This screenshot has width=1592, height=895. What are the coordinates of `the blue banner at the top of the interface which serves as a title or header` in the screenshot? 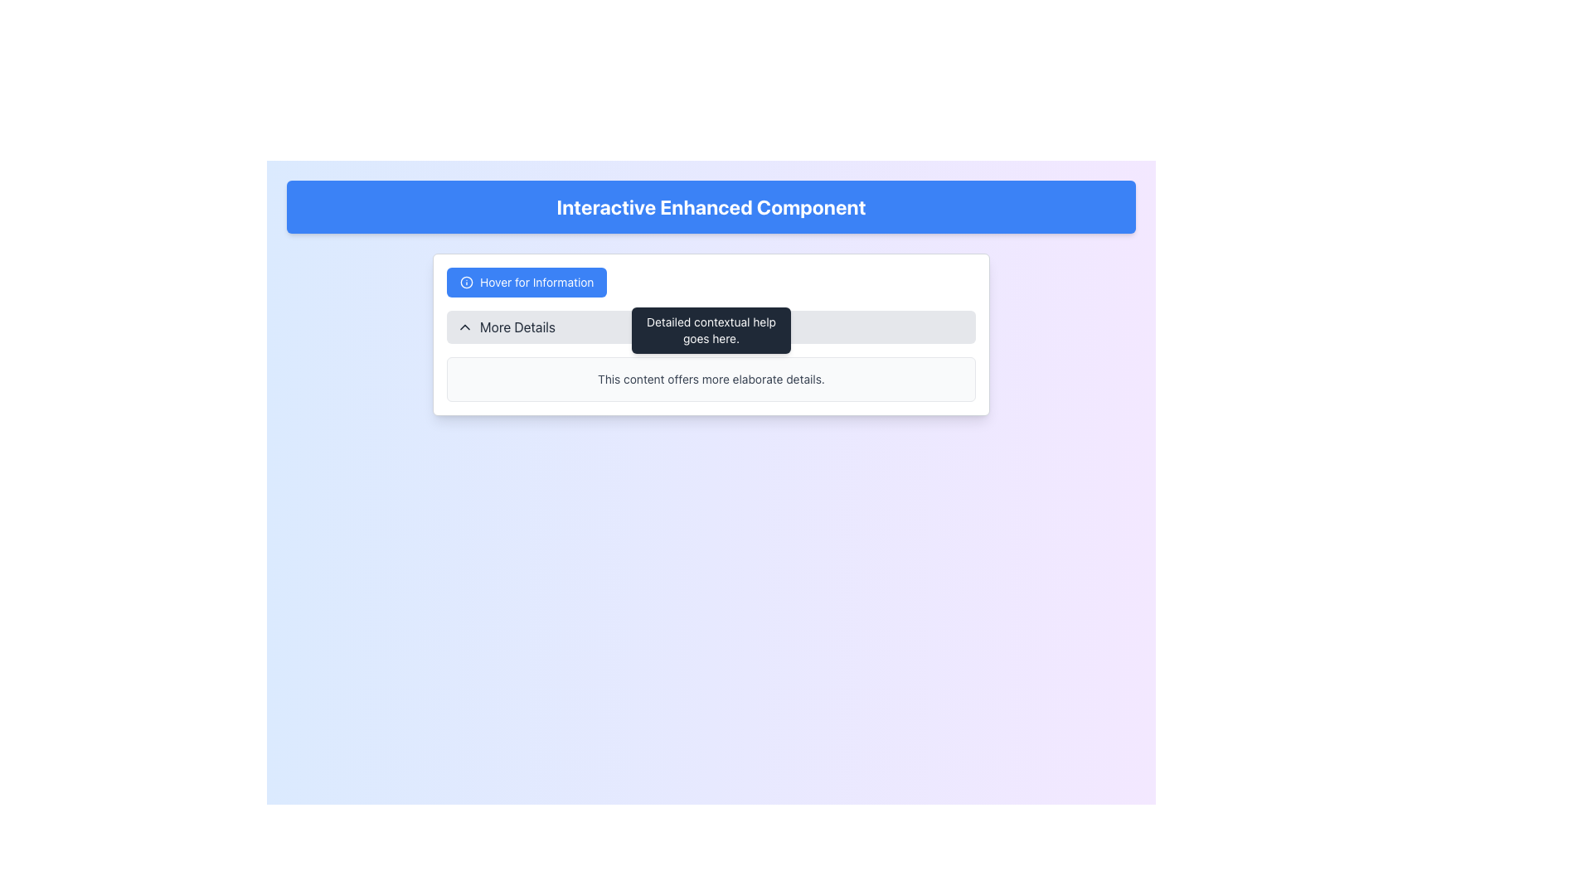 It's located at (711, 206).